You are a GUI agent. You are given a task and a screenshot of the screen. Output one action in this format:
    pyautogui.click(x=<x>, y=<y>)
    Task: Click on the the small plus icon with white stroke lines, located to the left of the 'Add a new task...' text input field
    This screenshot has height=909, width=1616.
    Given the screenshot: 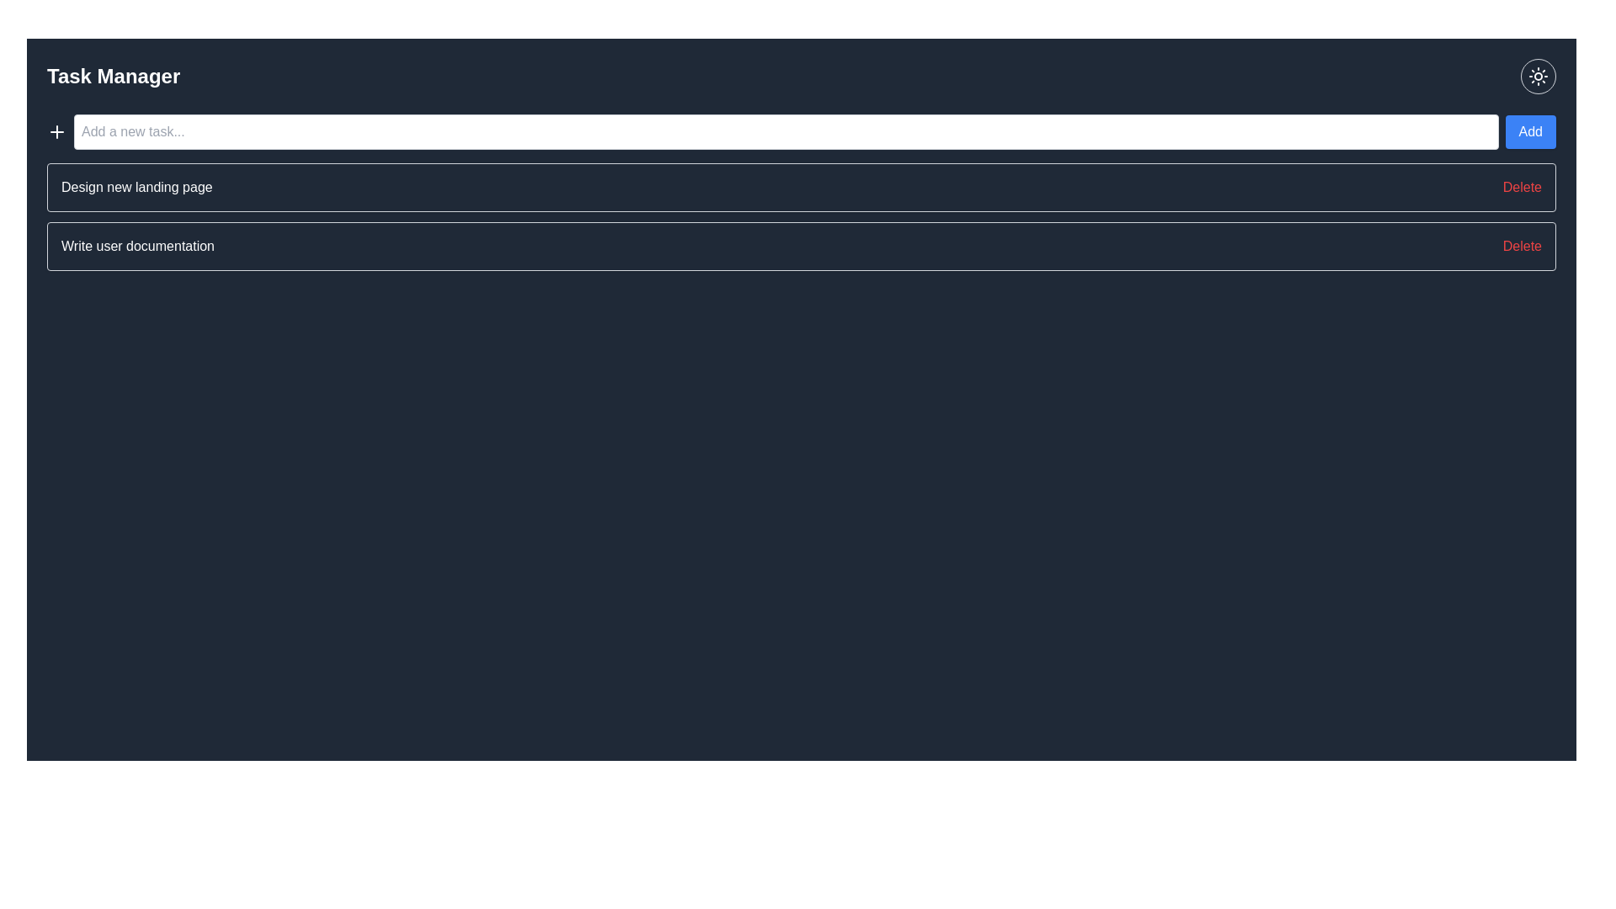 What is the action you would take?
    pyautogui.click(x=56, y=131)
    